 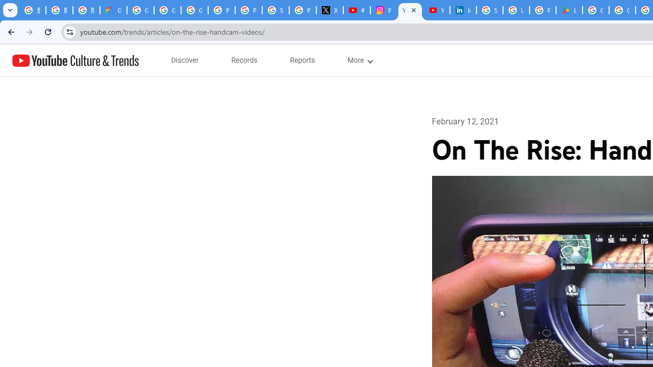 I want to click on 'Sign in - Google Accounts', so click(x=490, y=10).